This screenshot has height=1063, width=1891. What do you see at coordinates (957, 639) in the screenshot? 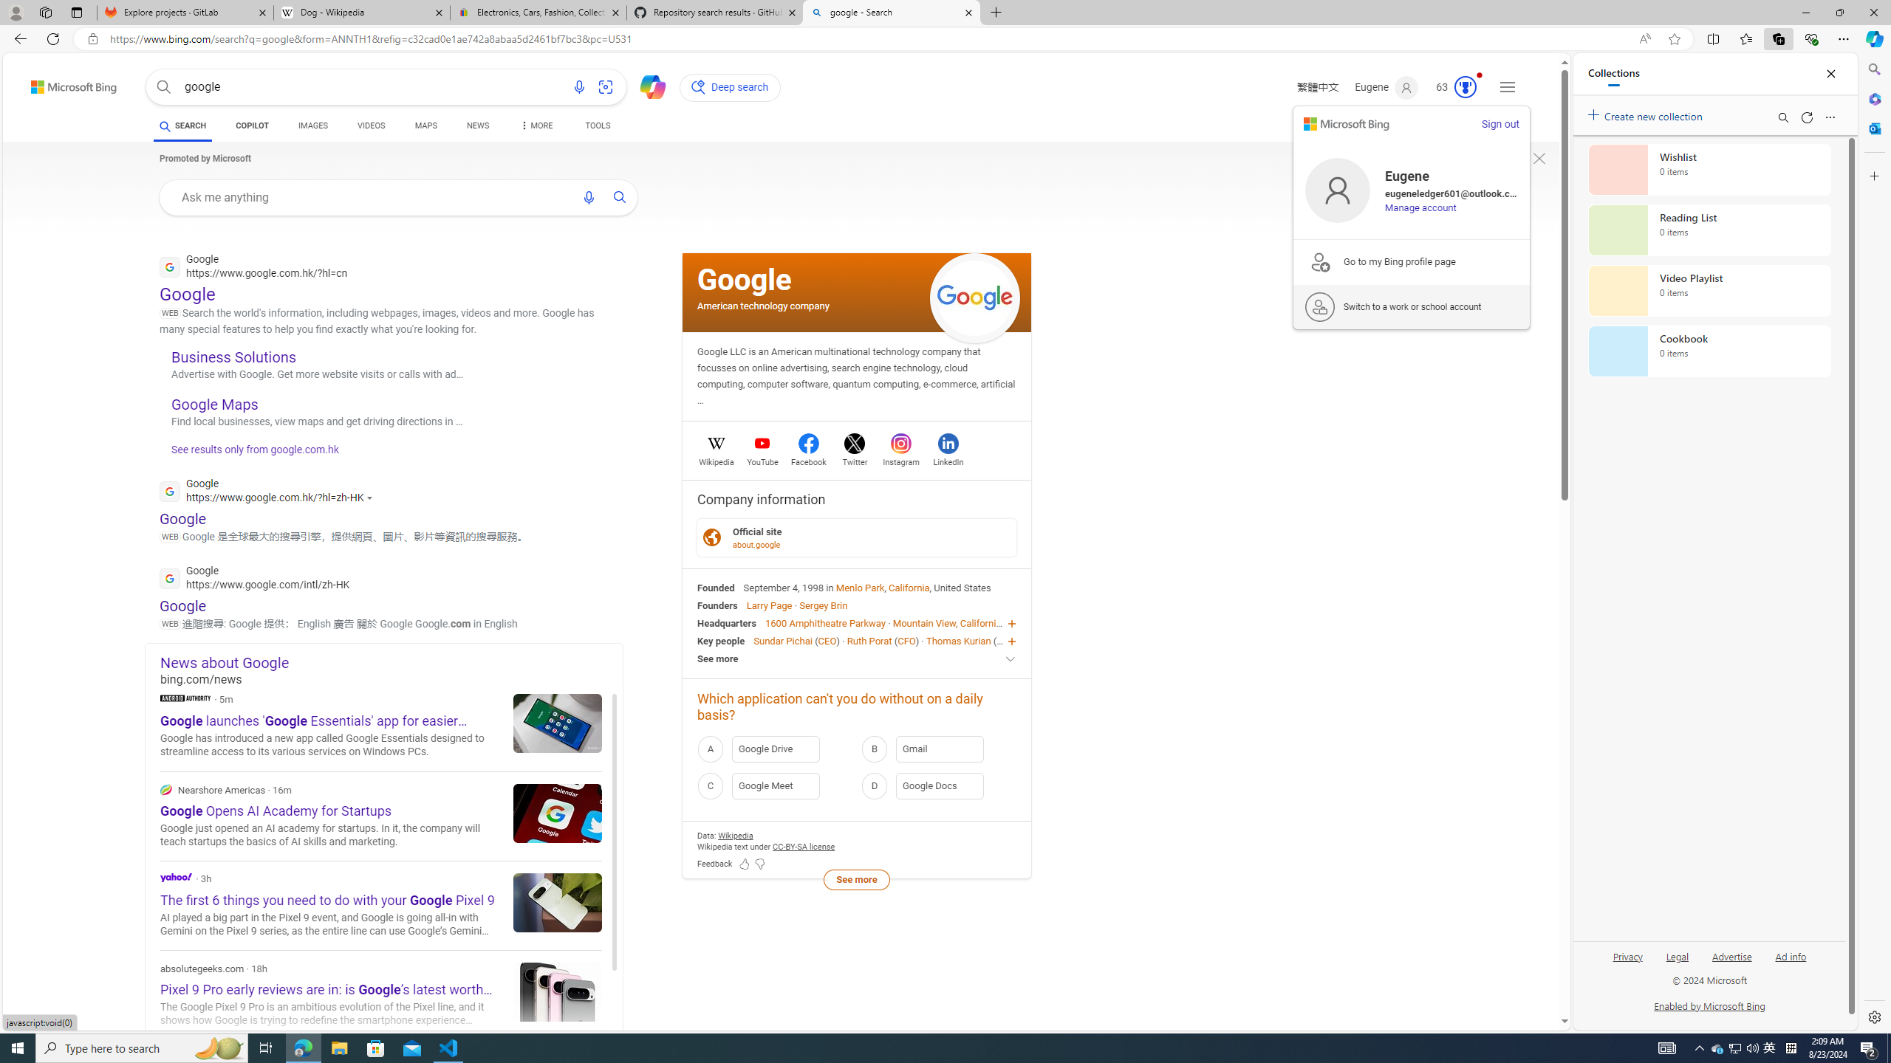
I see `'Thomas Kurian'` at bounding box center [957, 639].